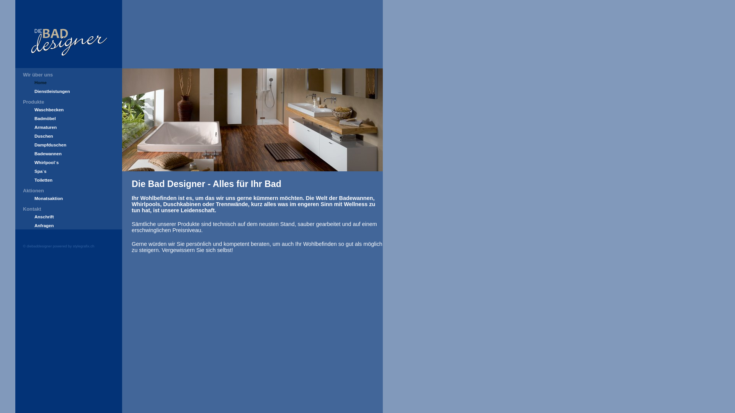 The height and width of the screenshot is (413, 735). What do you see at coordinates (47, 153) in the screenshot?
I see `'Badewannen'` at bounding box center [47, 153].